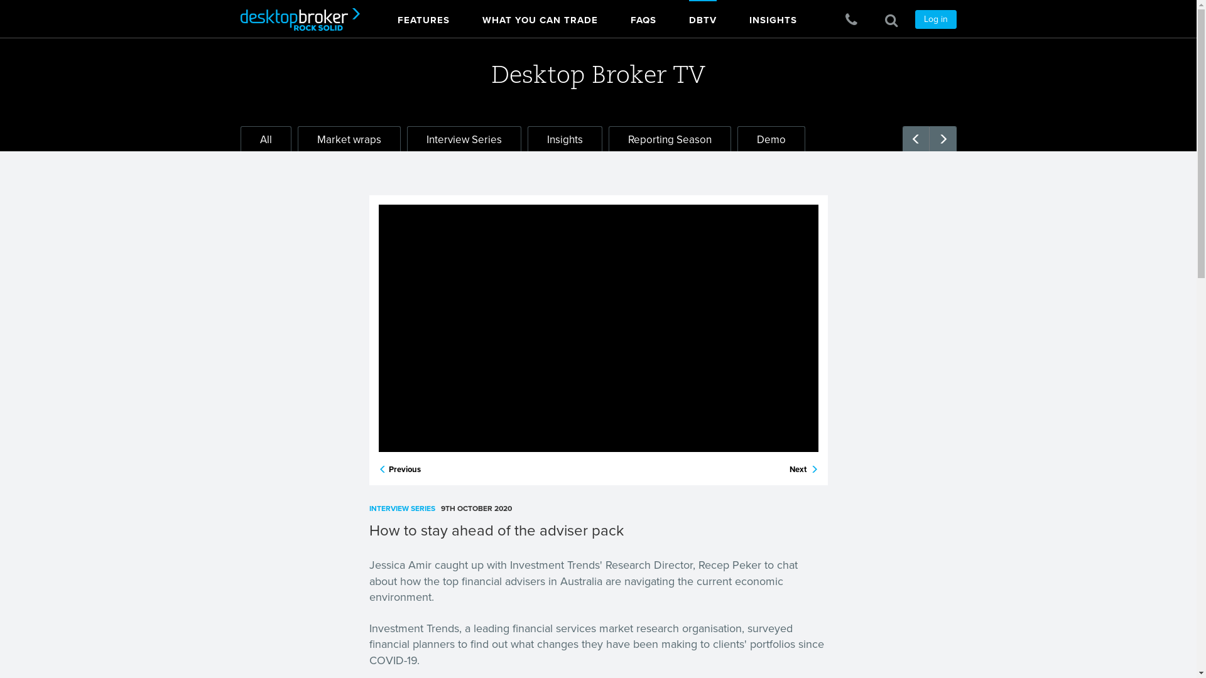  Describe the element at coordinates (668, 138) in the screenshot. I see `'Reporting Season'` at that location.